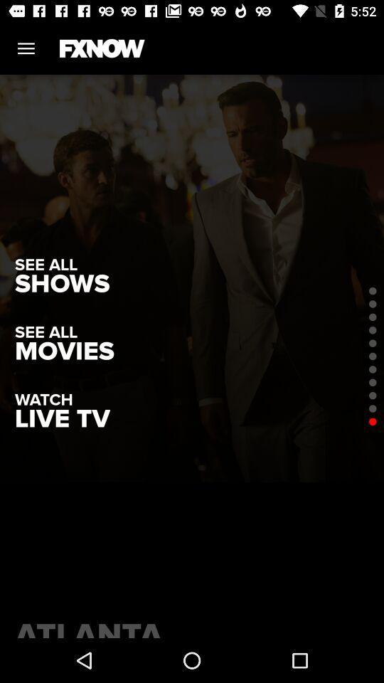 This screenshot has height=683, width=384. I want to click on live tv, so click(61, 419).